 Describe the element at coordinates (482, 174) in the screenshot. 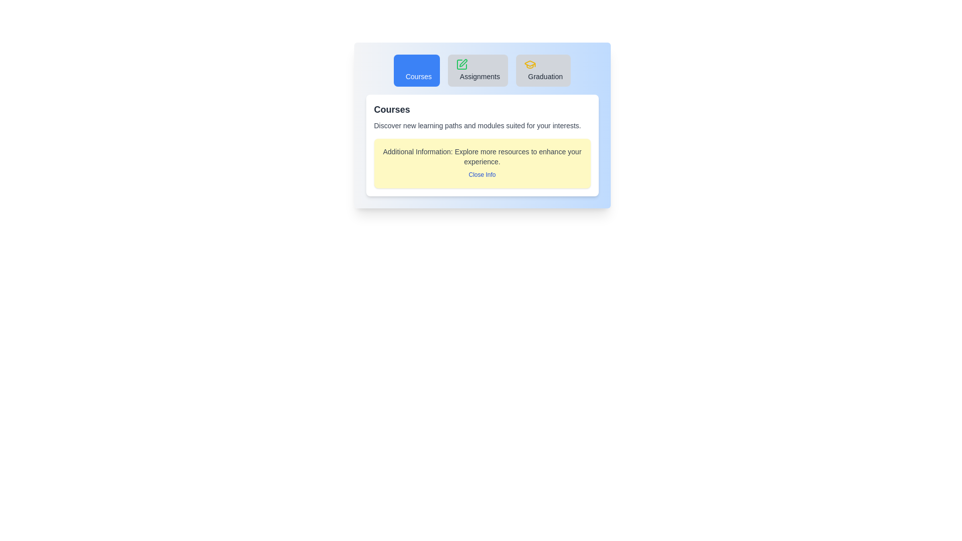

I see `'Close Info' button` at that location.